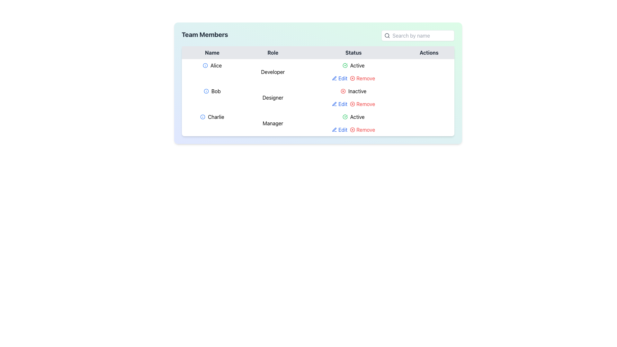 This screenshot has width=617, height=347. I want to click on the Status Indicator displaying 'Active' for Alice in the table, which includes a green check icon and the text 'Active', so click(353, 66).